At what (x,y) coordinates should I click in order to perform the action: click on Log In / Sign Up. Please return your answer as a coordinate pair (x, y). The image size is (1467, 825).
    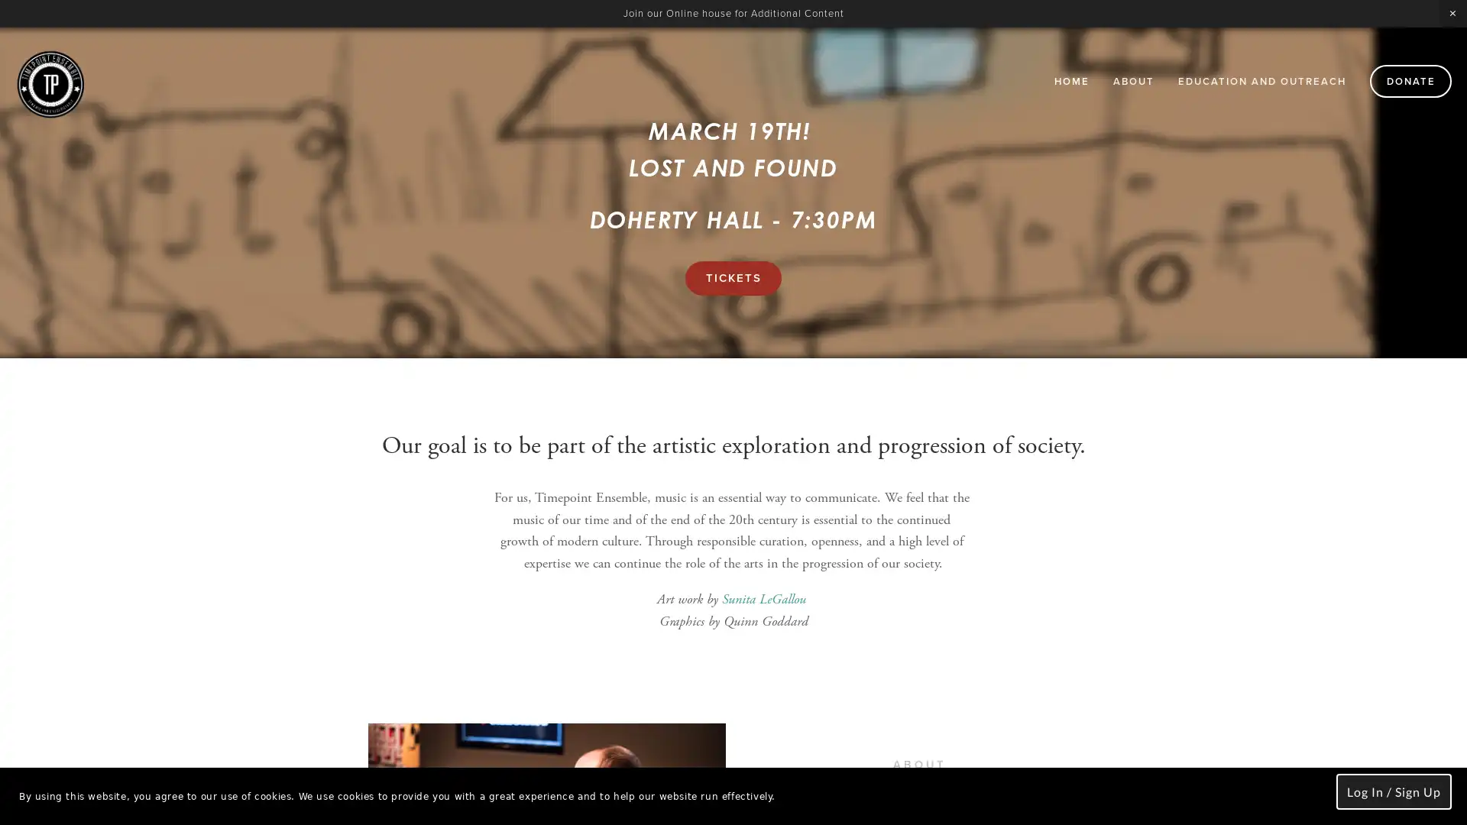
    Looking at the image, I should click on (1394, 791).